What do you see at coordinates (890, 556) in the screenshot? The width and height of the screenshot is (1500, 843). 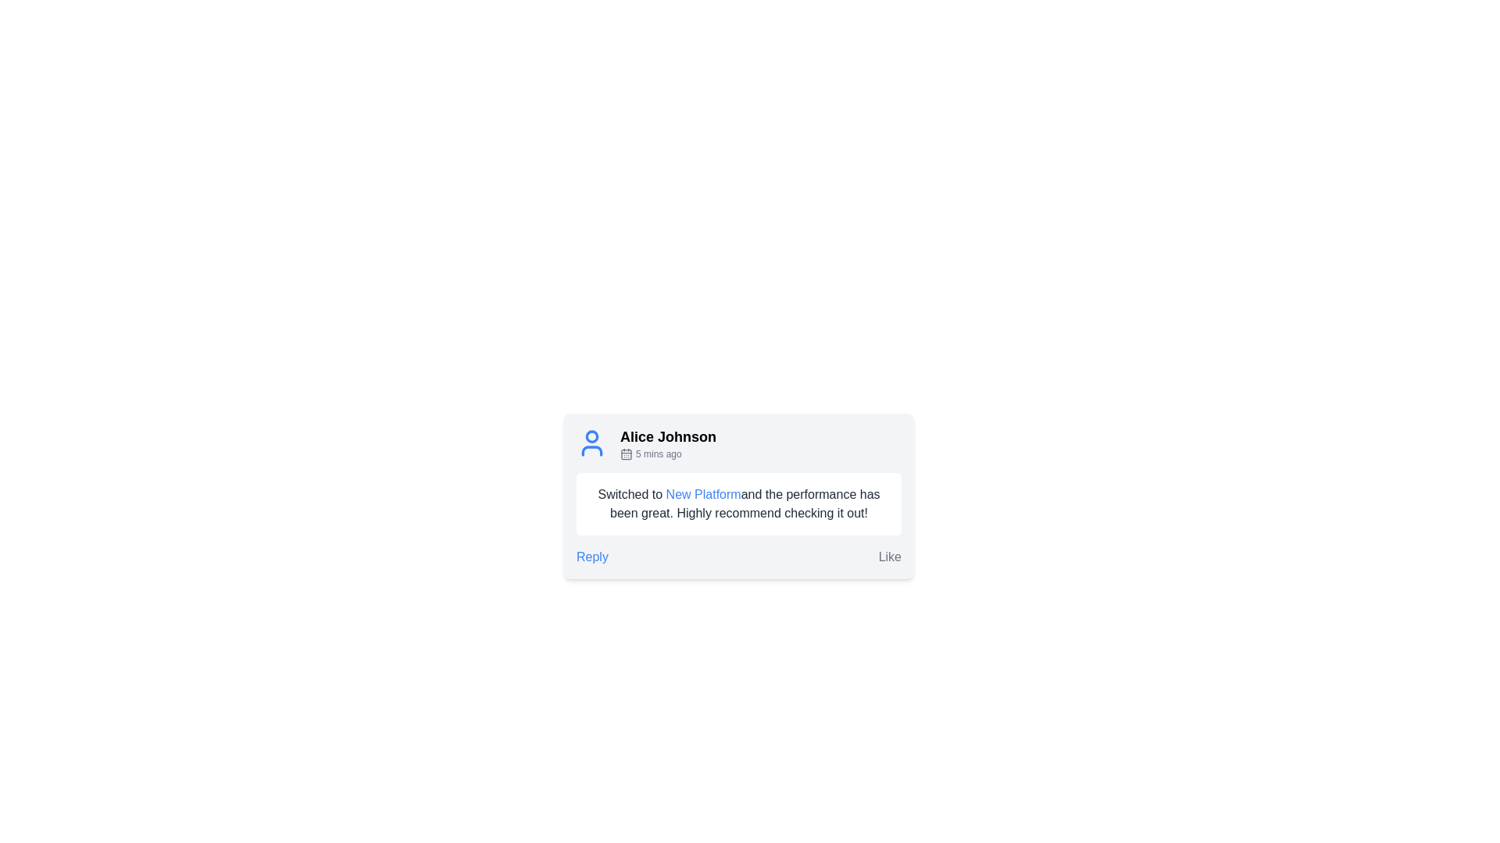 I see `the 'Like' button located on the lower right corner of the card component, which is a text label in gray font that changes to a darker shade when hovered over` at bounding box center [890, 556].